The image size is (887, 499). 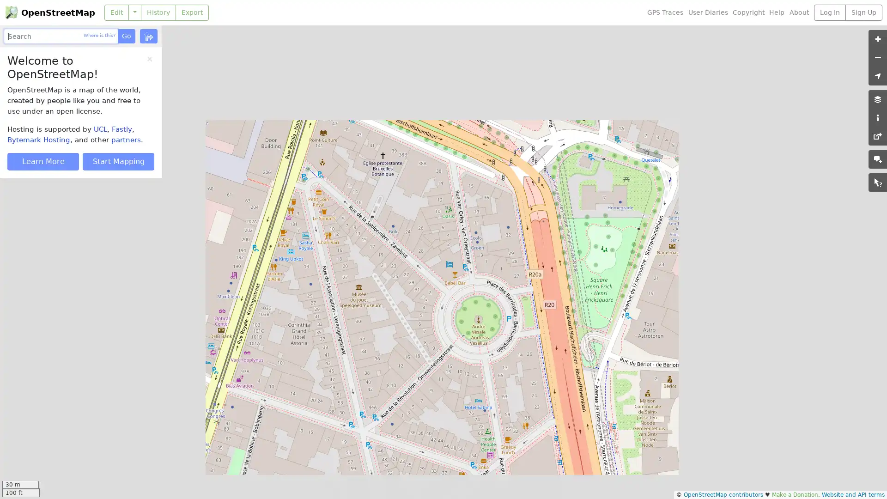 What do you see at coordinates (126, 36) in the screenshot?
I see `Go` at bounding box center [126, 36].